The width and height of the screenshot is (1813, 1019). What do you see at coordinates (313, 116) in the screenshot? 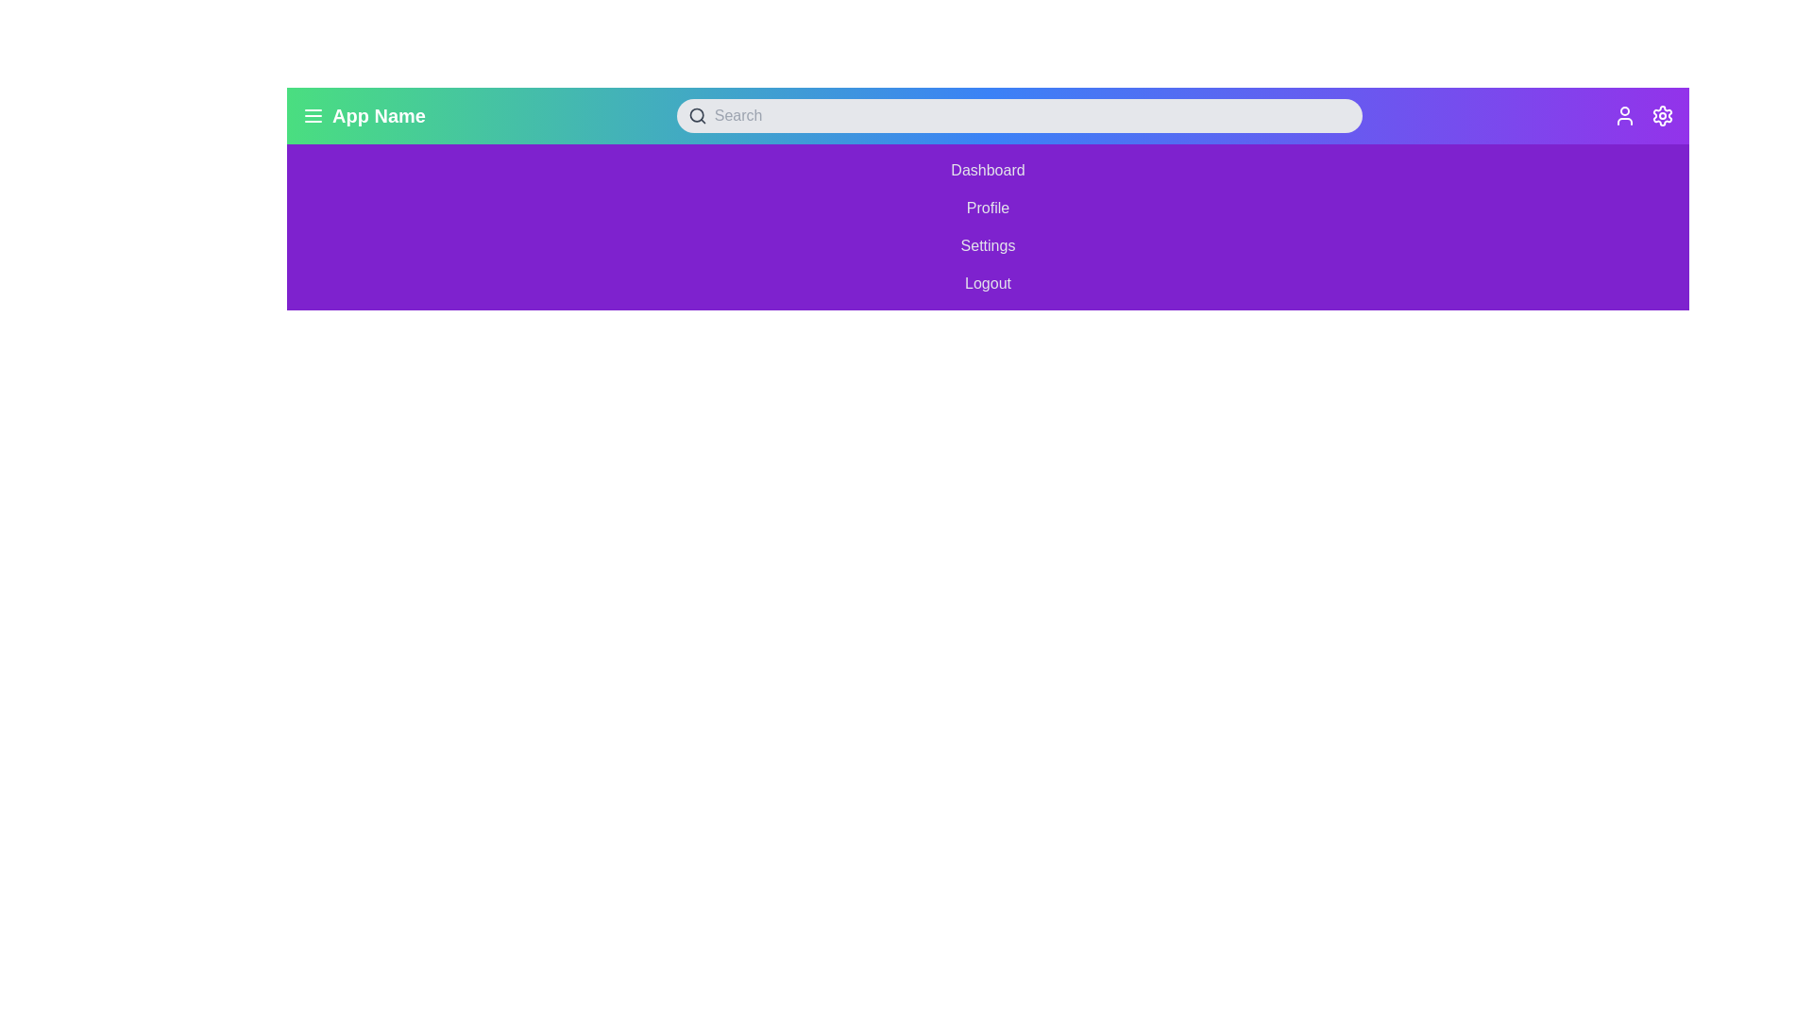
I see `the icon located to the far-left of the horizontal header section, which triggers the display of a menu or navigation pane` at bounding box center [313, 116].